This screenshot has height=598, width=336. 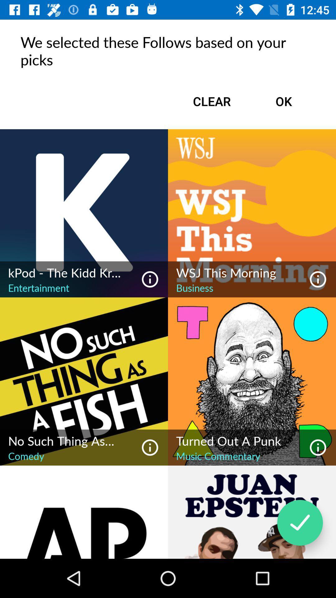 What do you see at coordinates (300, 523) in the screenshot?
I see `the check icon` at bounding box center [300, 523].